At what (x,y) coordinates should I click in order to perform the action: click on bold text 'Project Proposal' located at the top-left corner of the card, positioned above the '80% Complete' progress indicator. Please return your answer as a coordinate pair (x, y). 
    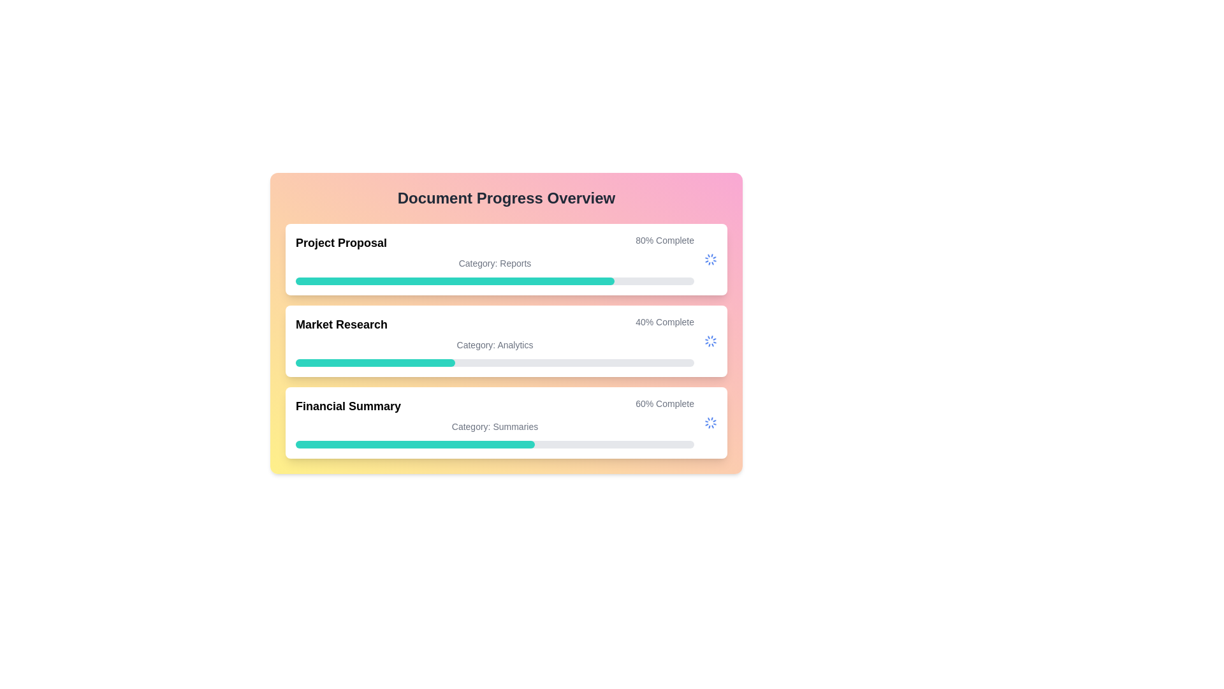
    Looking at the image, I should click on (341, 243).